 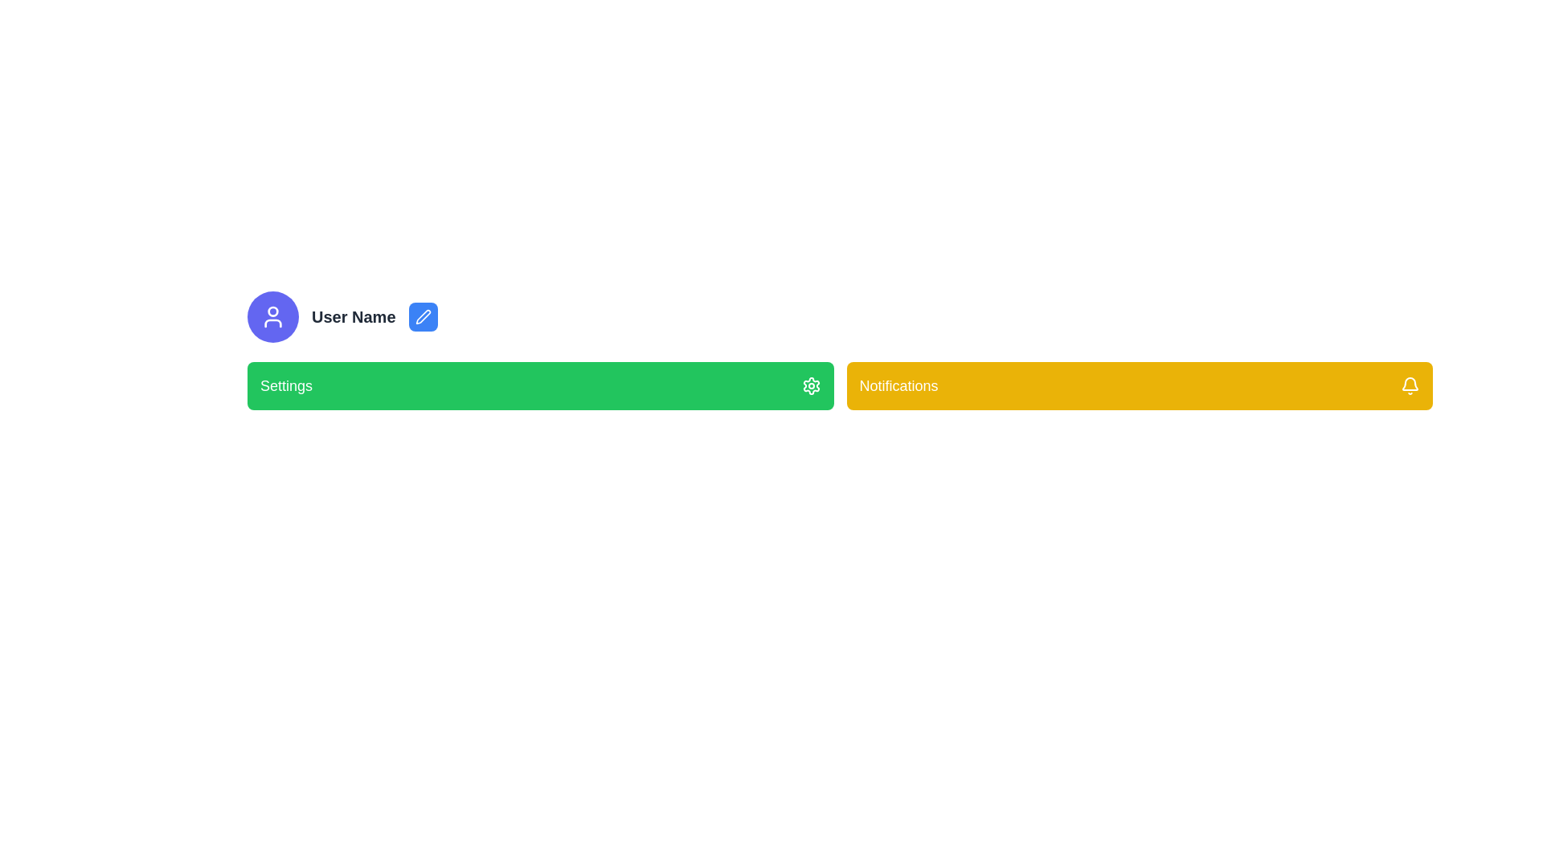 What do you see at coordinates (353, 316) in the screenshot?
I see `the text label displaying the user's name, positioned between a user icon and a button` at bounding box center [353, 316].